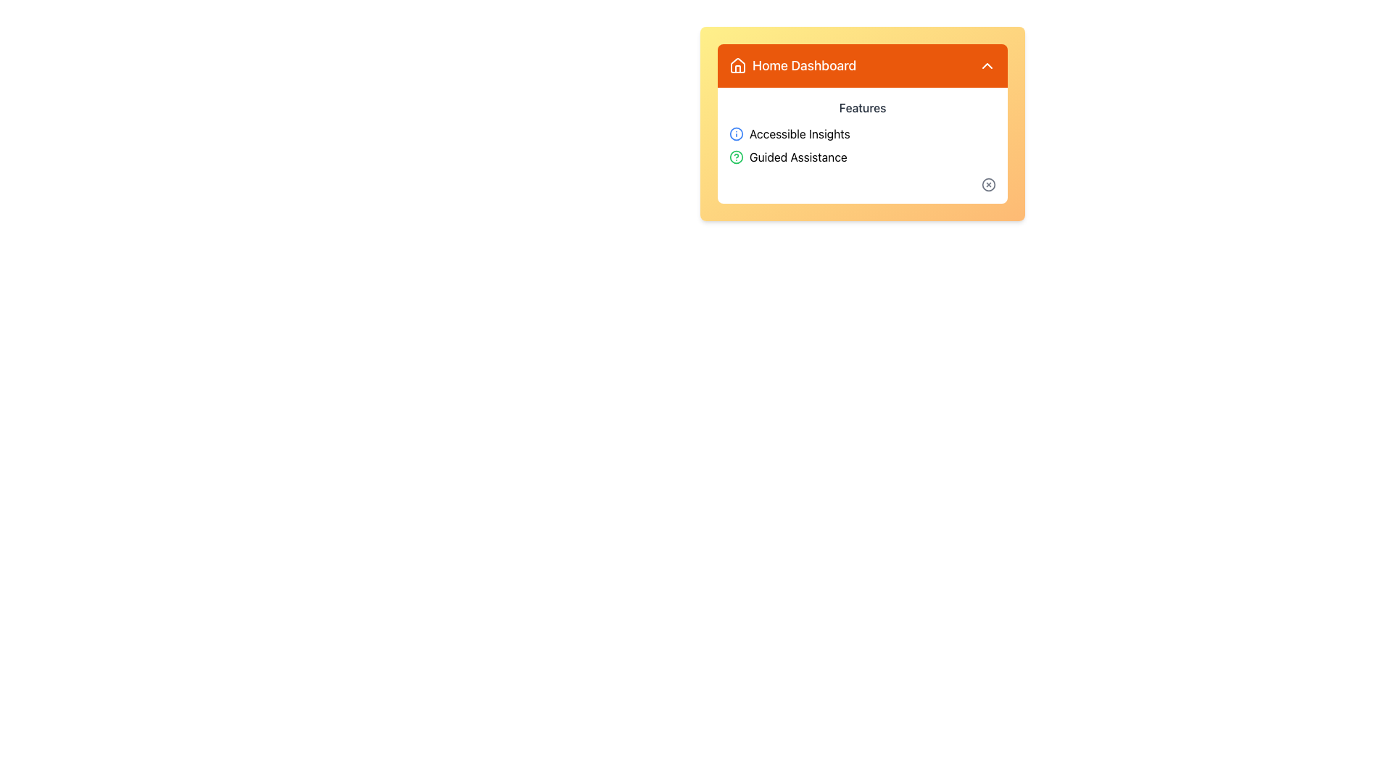 The width and height of the screenshot is (1392, 783). Describe the element at coordinates (797, 157) in the screenshot. I see `the text label 'Guided Assistance' which is the second item under the 'Features' section in the content card, indicated by a green help icon to its left` at that location.